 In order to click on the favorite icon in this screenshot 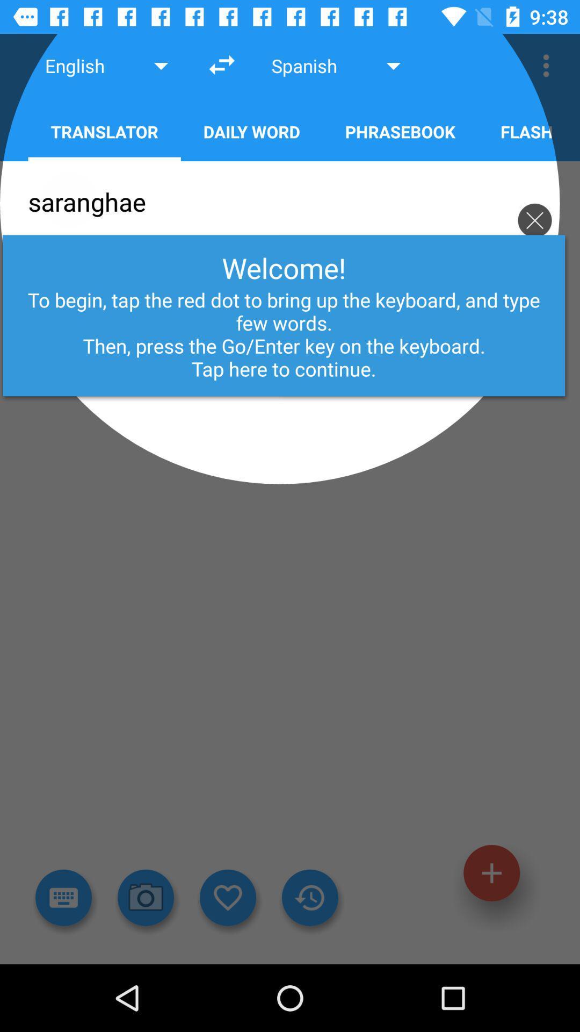, I will do `click(227, 898)`.